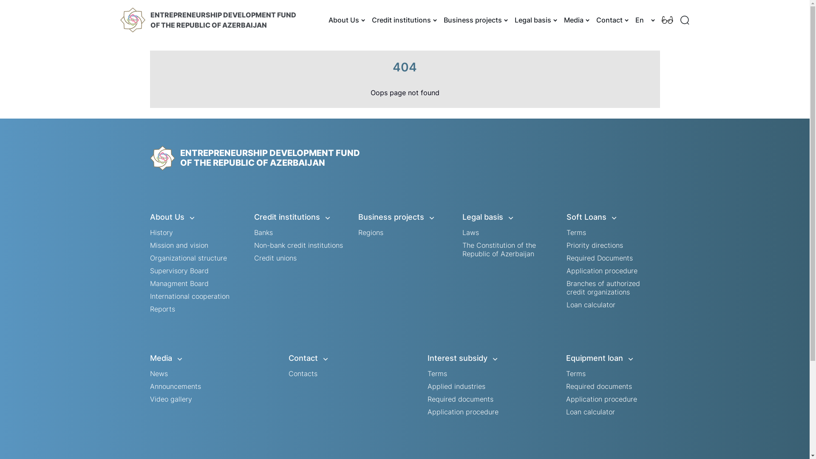 Image resolution: width=816 pixels, height=459 pixels. What do you see at coordinates (301, 216) in the screenshot?
I see `'Credit institutions'` at bounding box center [301, 216].